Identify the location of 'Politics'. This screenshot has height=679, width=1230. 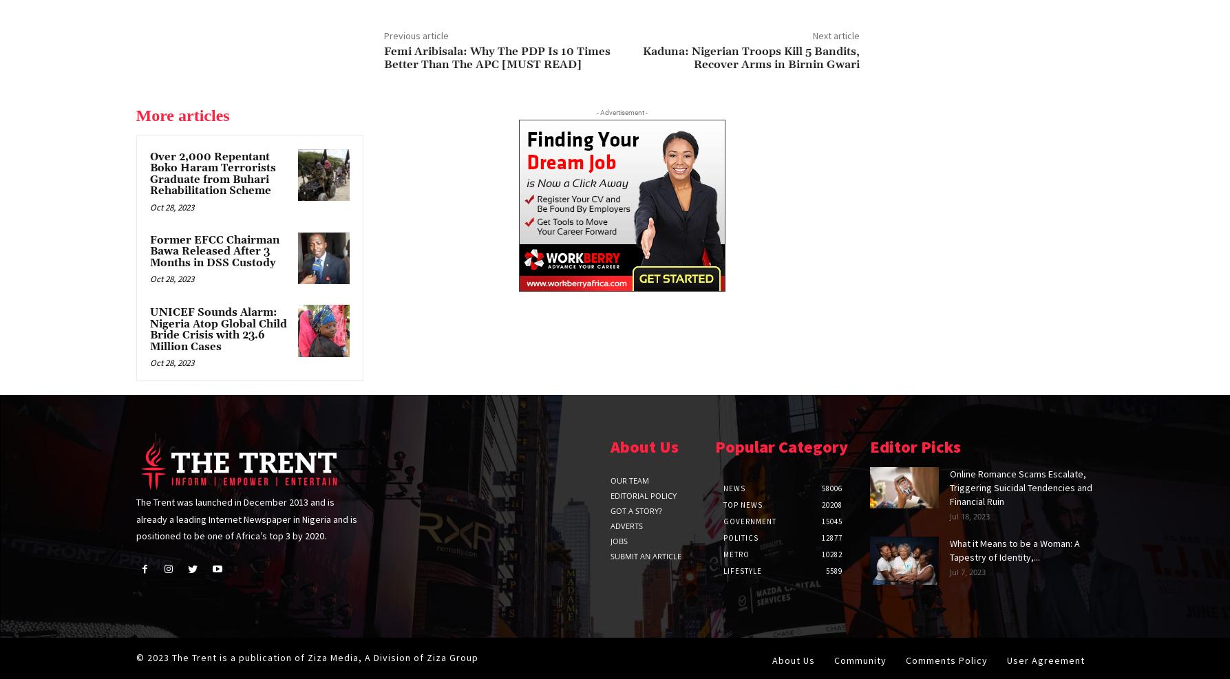
(722, 538).